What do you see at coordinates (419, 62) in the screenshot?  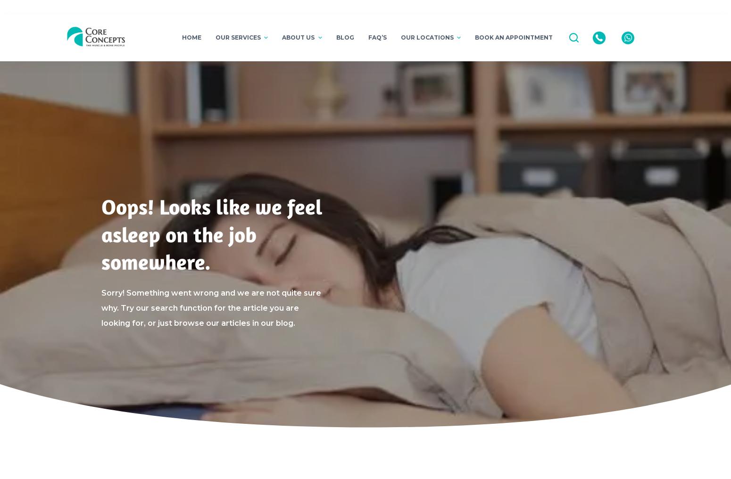 I see `'Harbourfront'` at bounding box center [419, 62].